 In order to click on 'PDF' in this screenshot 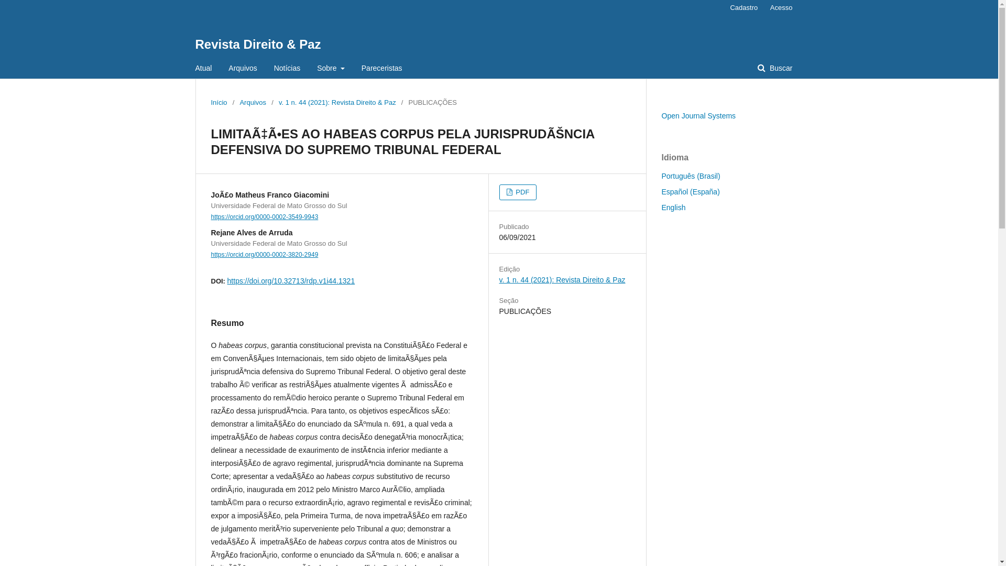, I will do `click(498, 192)`.